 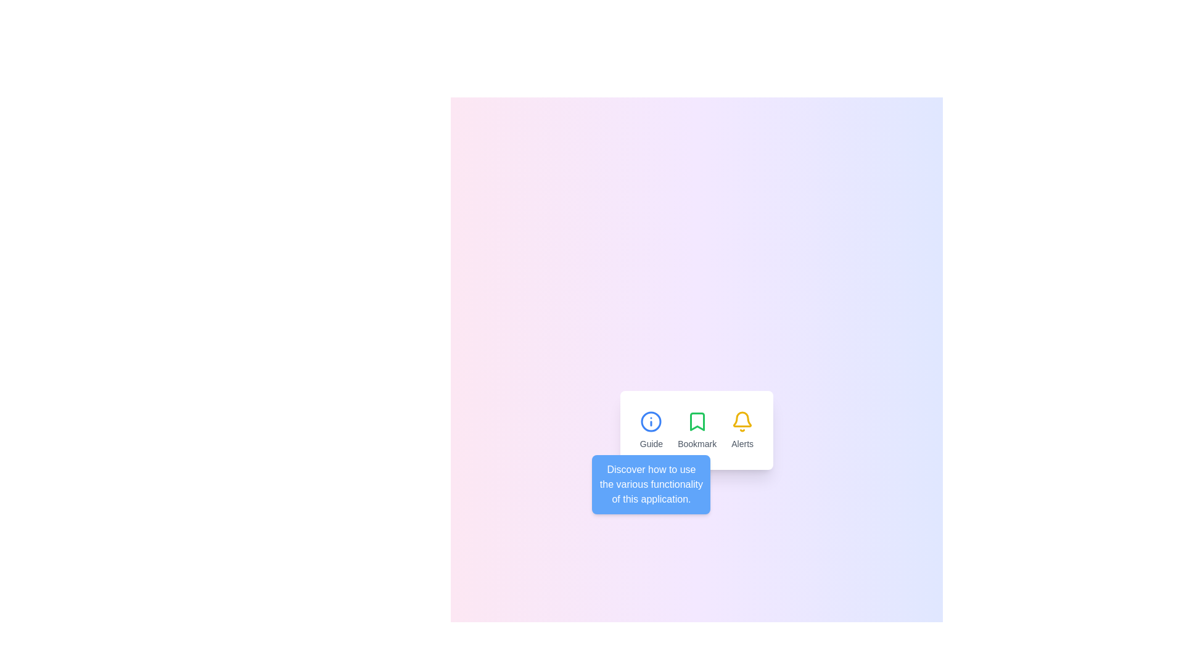 I want to click on text label that says 'Bookmark', which is styled in gray and positioned beneath the green bookmark icon, so click(x=697, y=444).